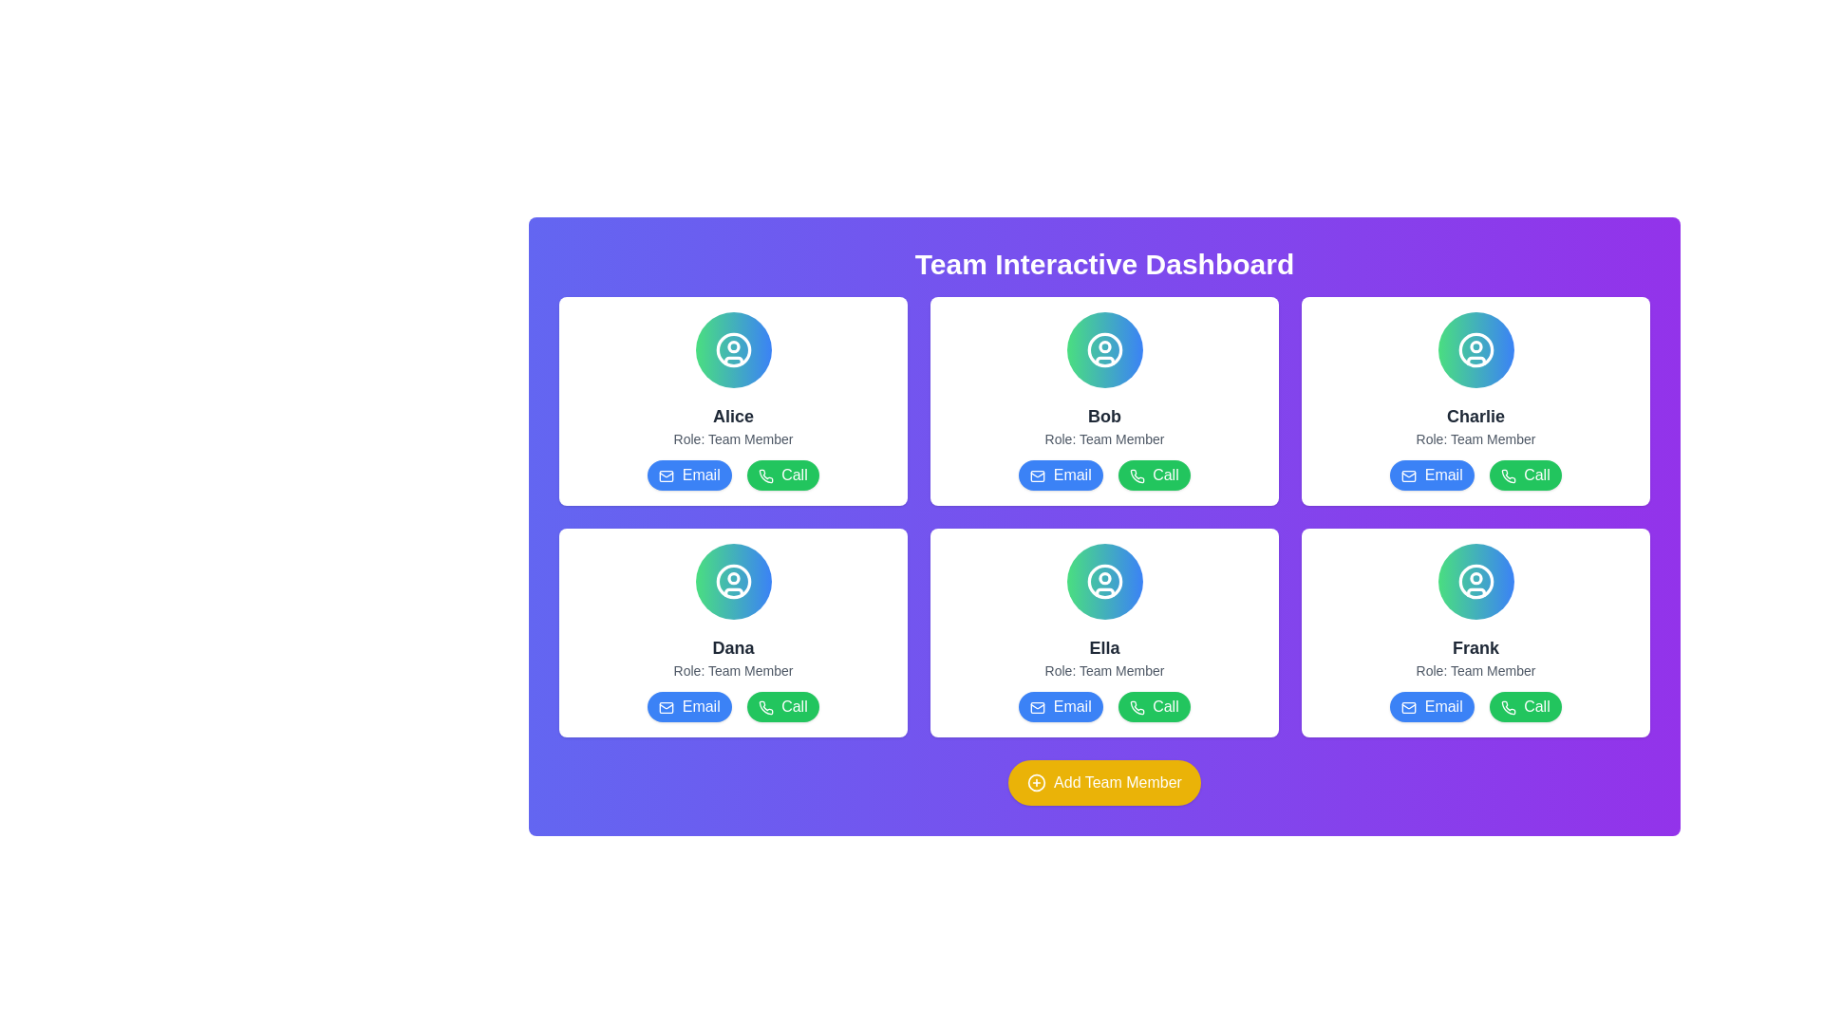  Describe the element at coordinates (1104, 669) in the screenshot. I see `the text label displaying 'Role: Team Member', which is located below the 'Ella' title text within the white rectangular card` at that location.